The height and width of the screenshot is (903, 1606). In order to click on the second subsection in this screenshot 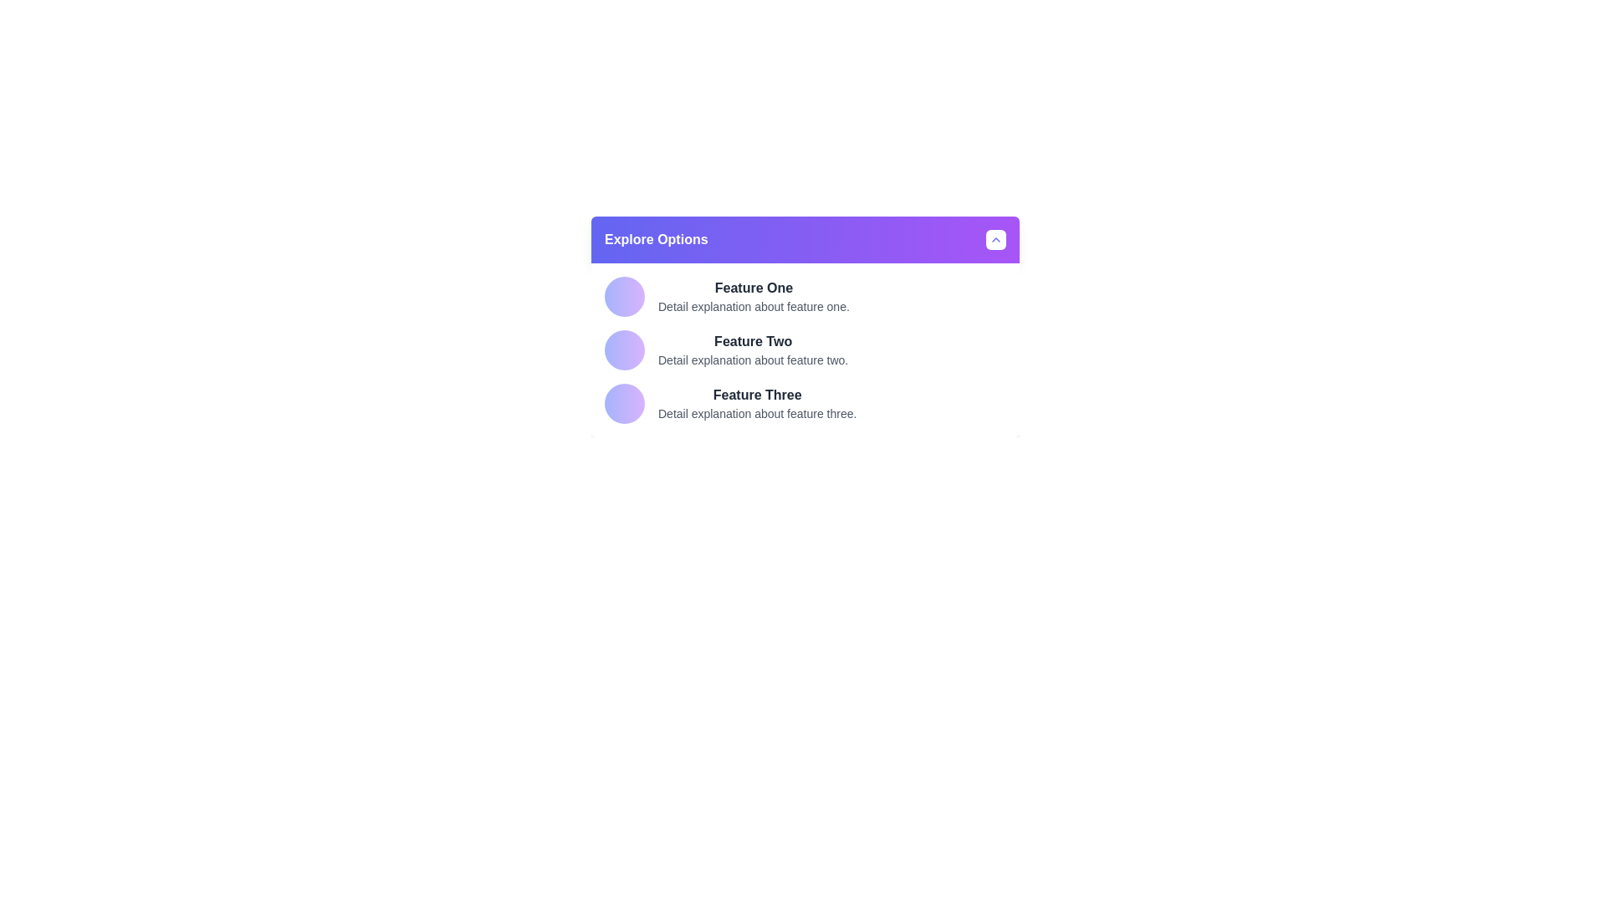, I will do `click(806, 349)`.